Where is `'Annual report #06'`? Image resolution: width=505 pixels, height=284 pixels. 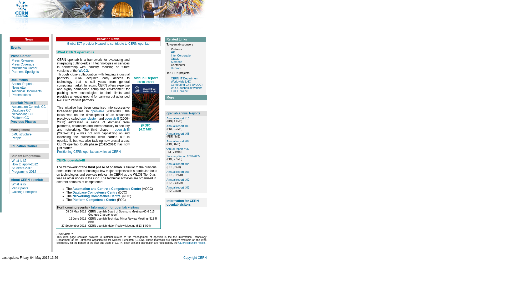
'Annual report #06' is located at coordinates (177, 149).